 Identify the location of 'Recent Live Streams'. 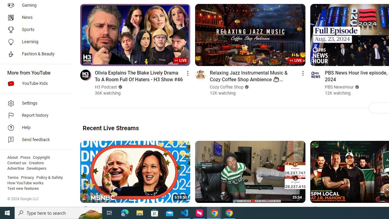
(111, 127).